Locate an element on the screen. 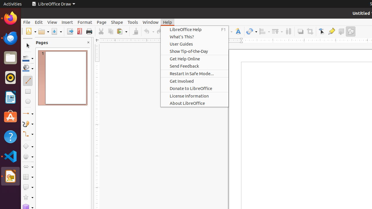 This screenshot has height=209, width=372. 'Export' is located at coordinates (70, 31).